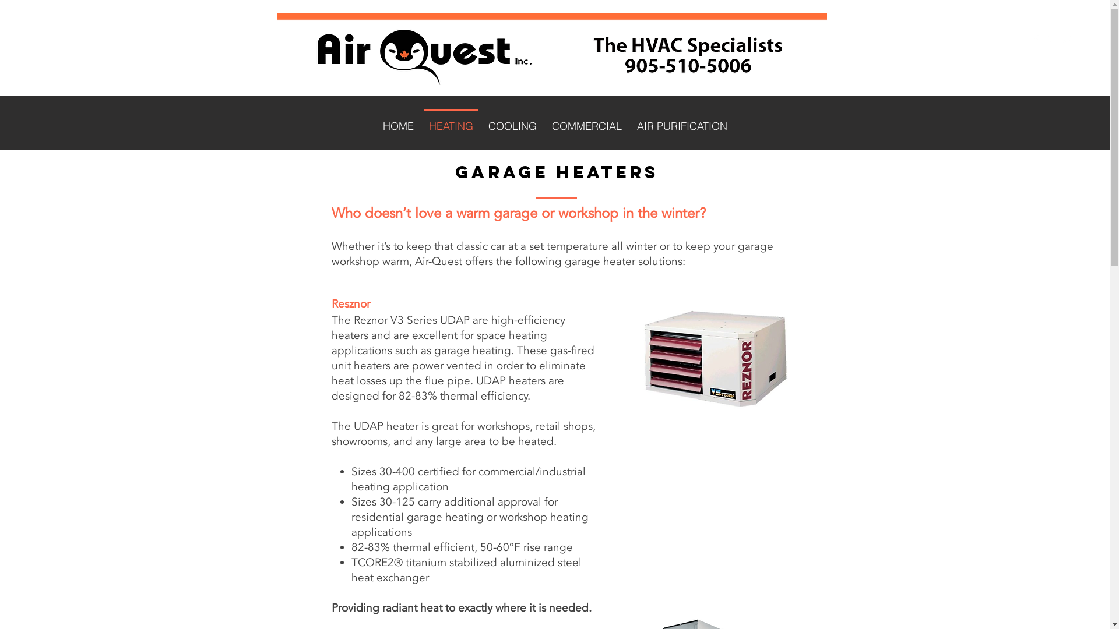  Describe the element at coordinates (398, 121) in the screenshot. I see `'HOME'` at that location.